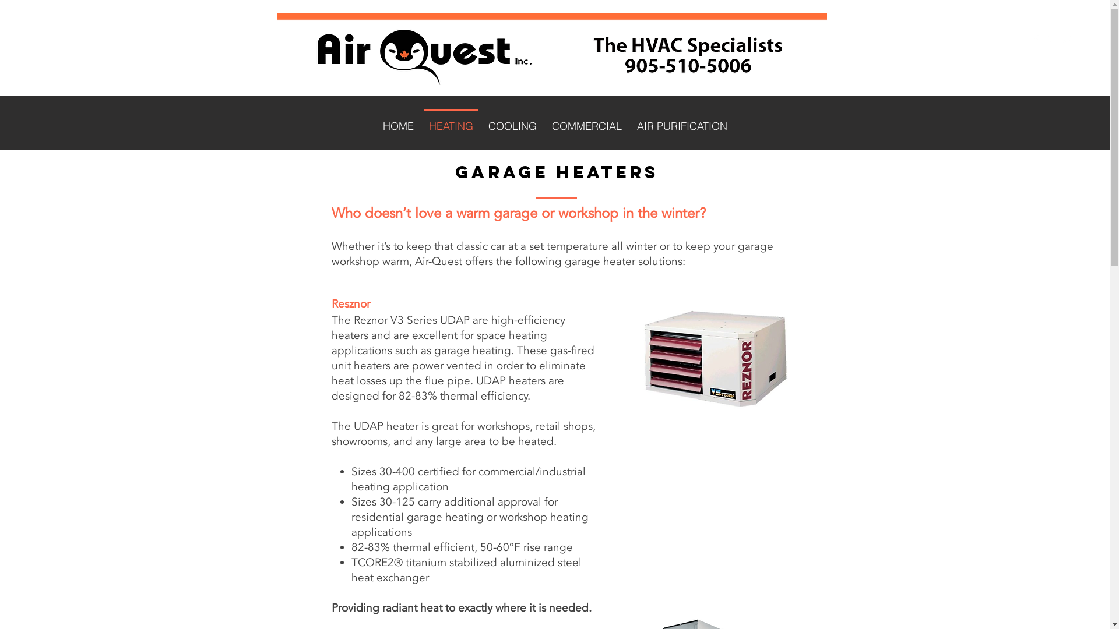  Describe the element at coordinates (398, 121) in the screenshot. I see `'HOME'` at that location.